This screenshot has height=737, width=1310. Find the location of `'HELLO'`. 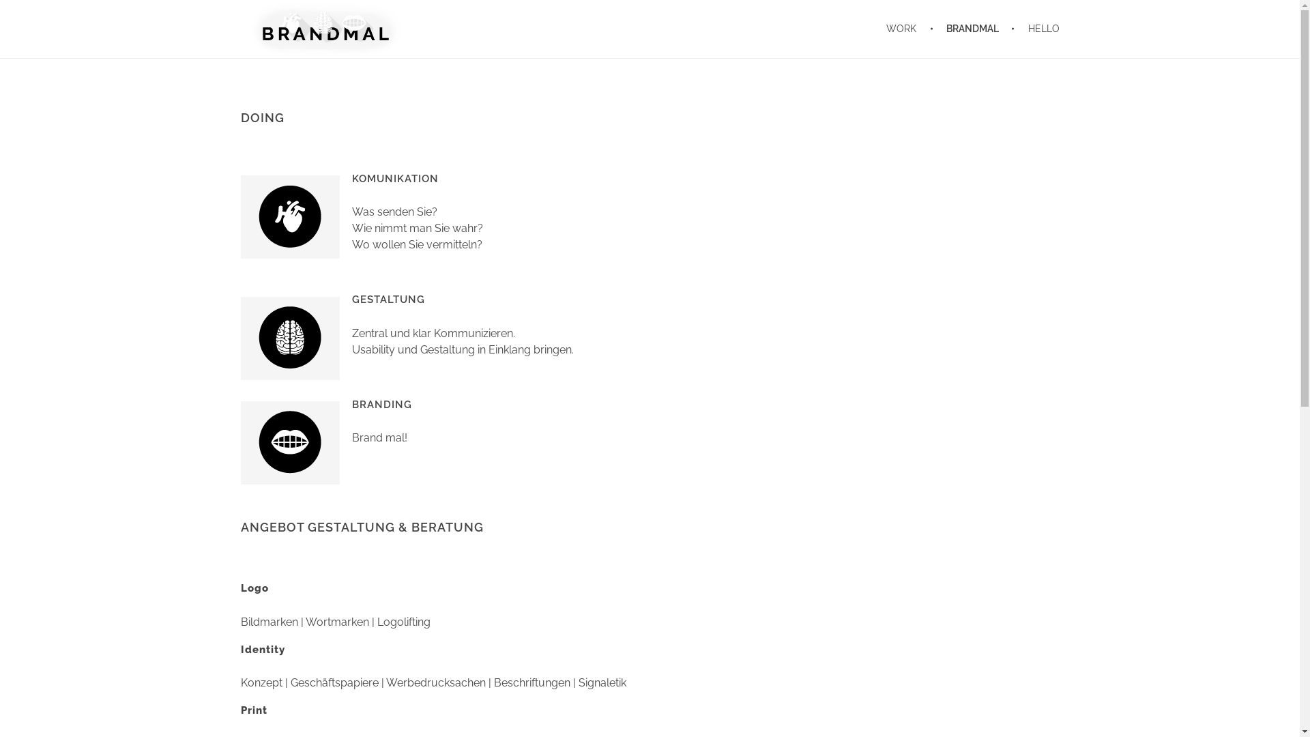

'HELLO' is located at coordinates (1037, 29).